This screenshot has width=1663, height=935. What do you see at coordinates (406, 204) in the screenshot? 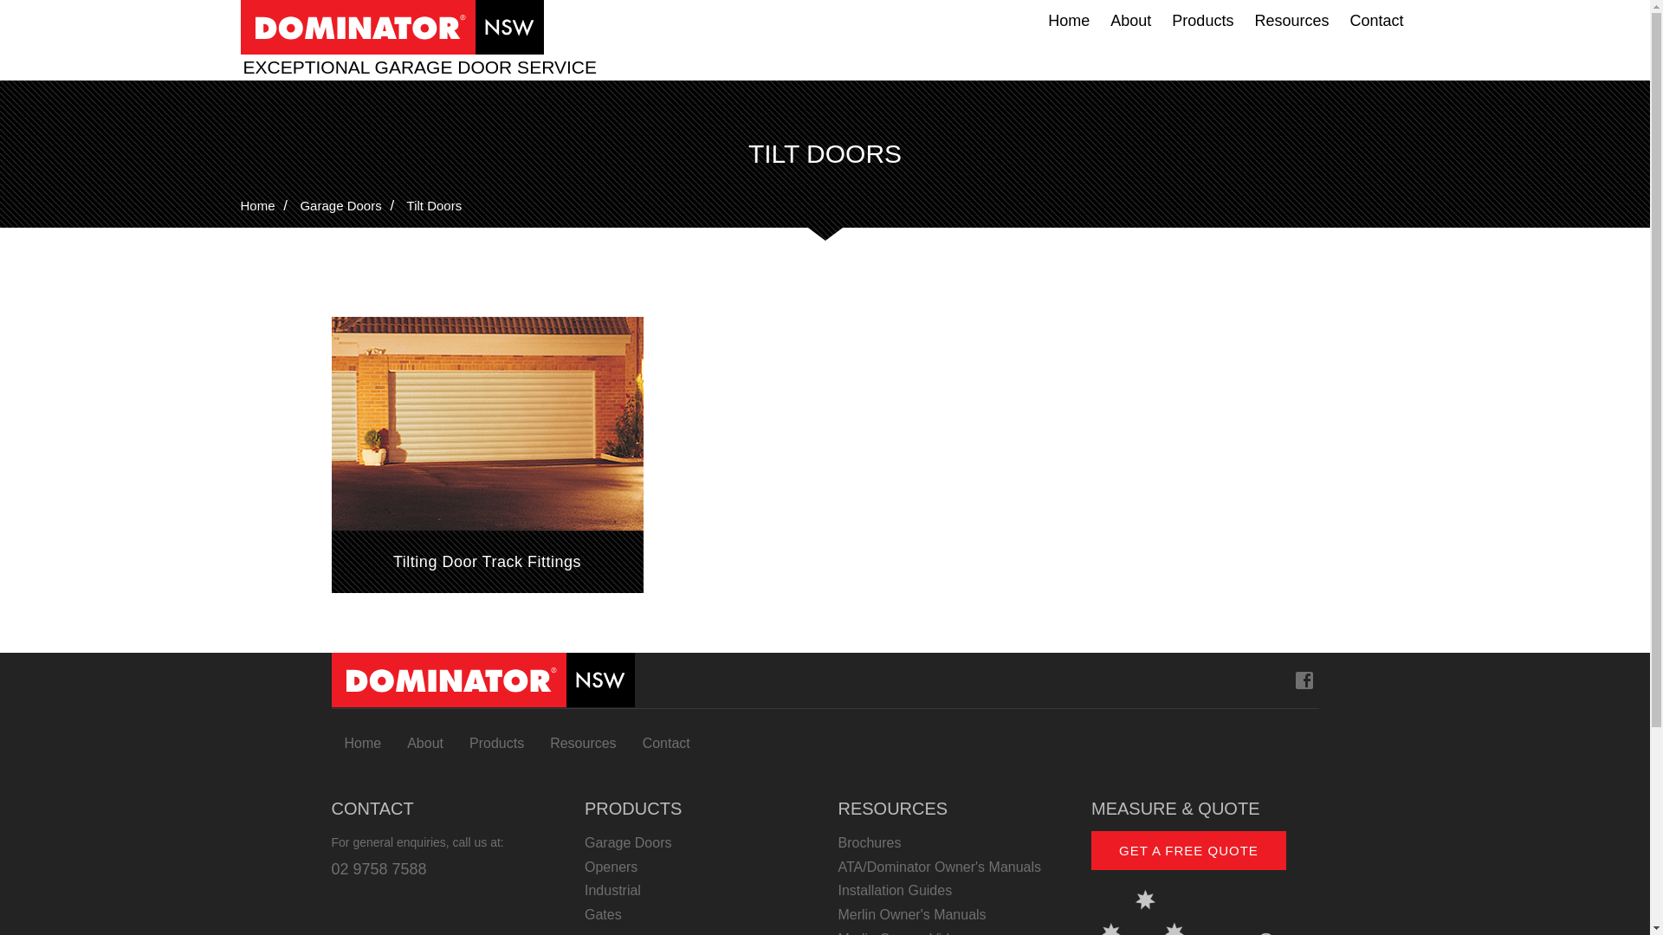
I see `'Tilt Doors'` at bounding box center [406, 204].